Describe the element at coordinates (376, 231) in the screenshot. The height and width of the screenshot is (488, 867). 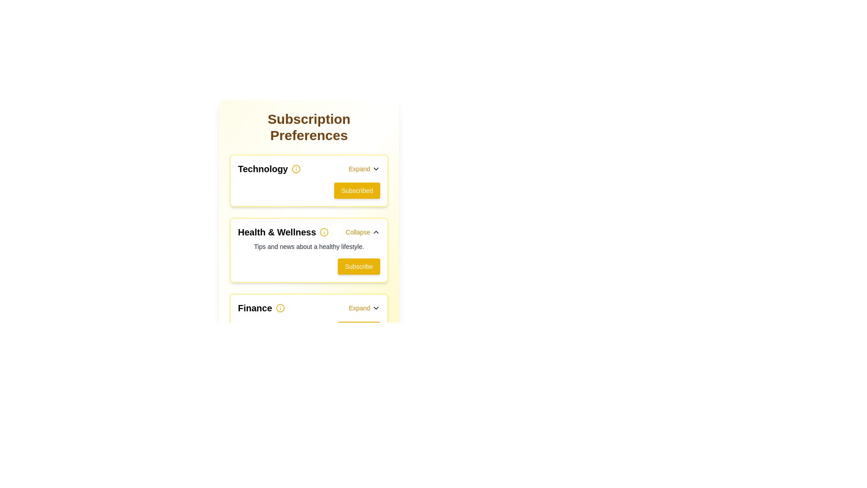
I see `the arrow icon located at the top-right corner of the 'Health & Wellness' section` at that location.